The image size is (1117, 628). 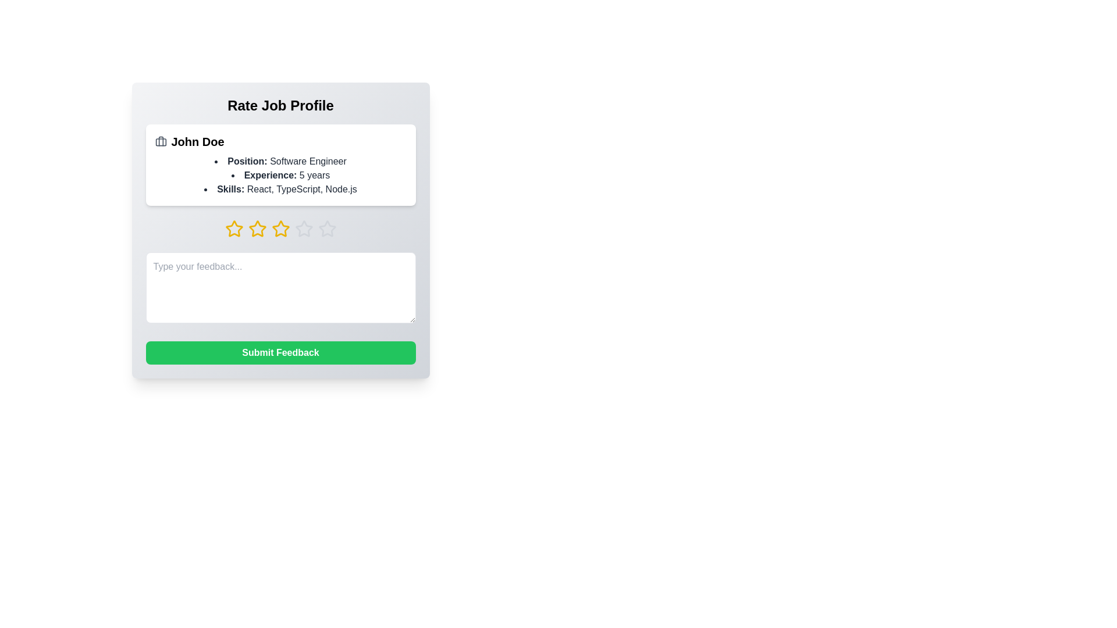 I want to click on the green 'Submit Feedback' button with white bold text to trigger a visual change, so click(x=280, y=352).